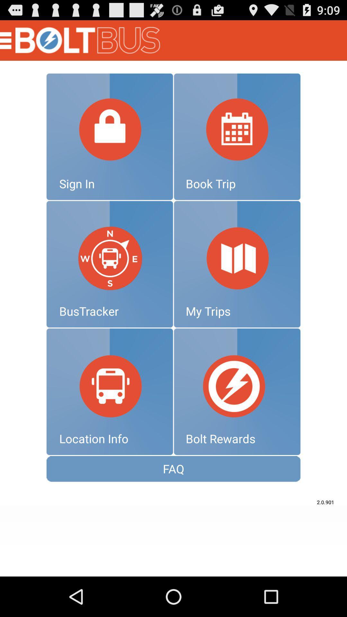 The height and width of the screenshot is (617, 347). Describe the element at coordinates (109, 264) in the screenshot. I see `bustracker` at that location.